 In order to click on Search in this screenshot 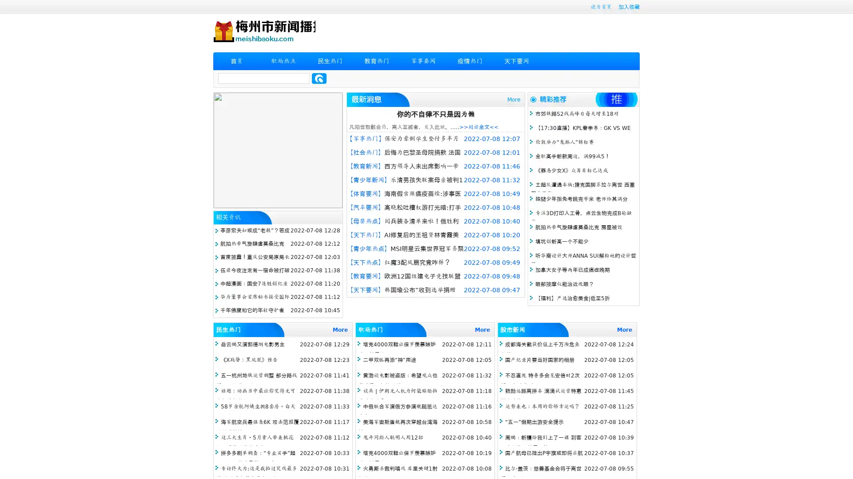, I will do `click(319, 78)`.